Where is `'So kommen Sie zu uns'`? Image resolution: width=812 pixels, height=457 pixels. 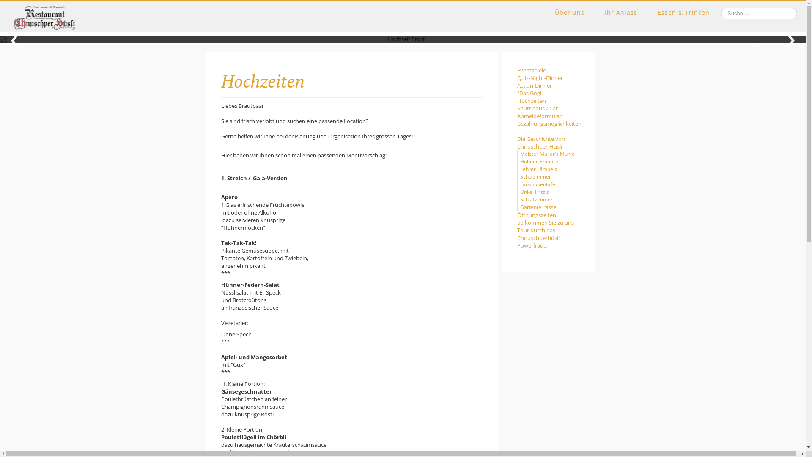 'So kommen Sie zu uns' is located at coordinates (548, 222).